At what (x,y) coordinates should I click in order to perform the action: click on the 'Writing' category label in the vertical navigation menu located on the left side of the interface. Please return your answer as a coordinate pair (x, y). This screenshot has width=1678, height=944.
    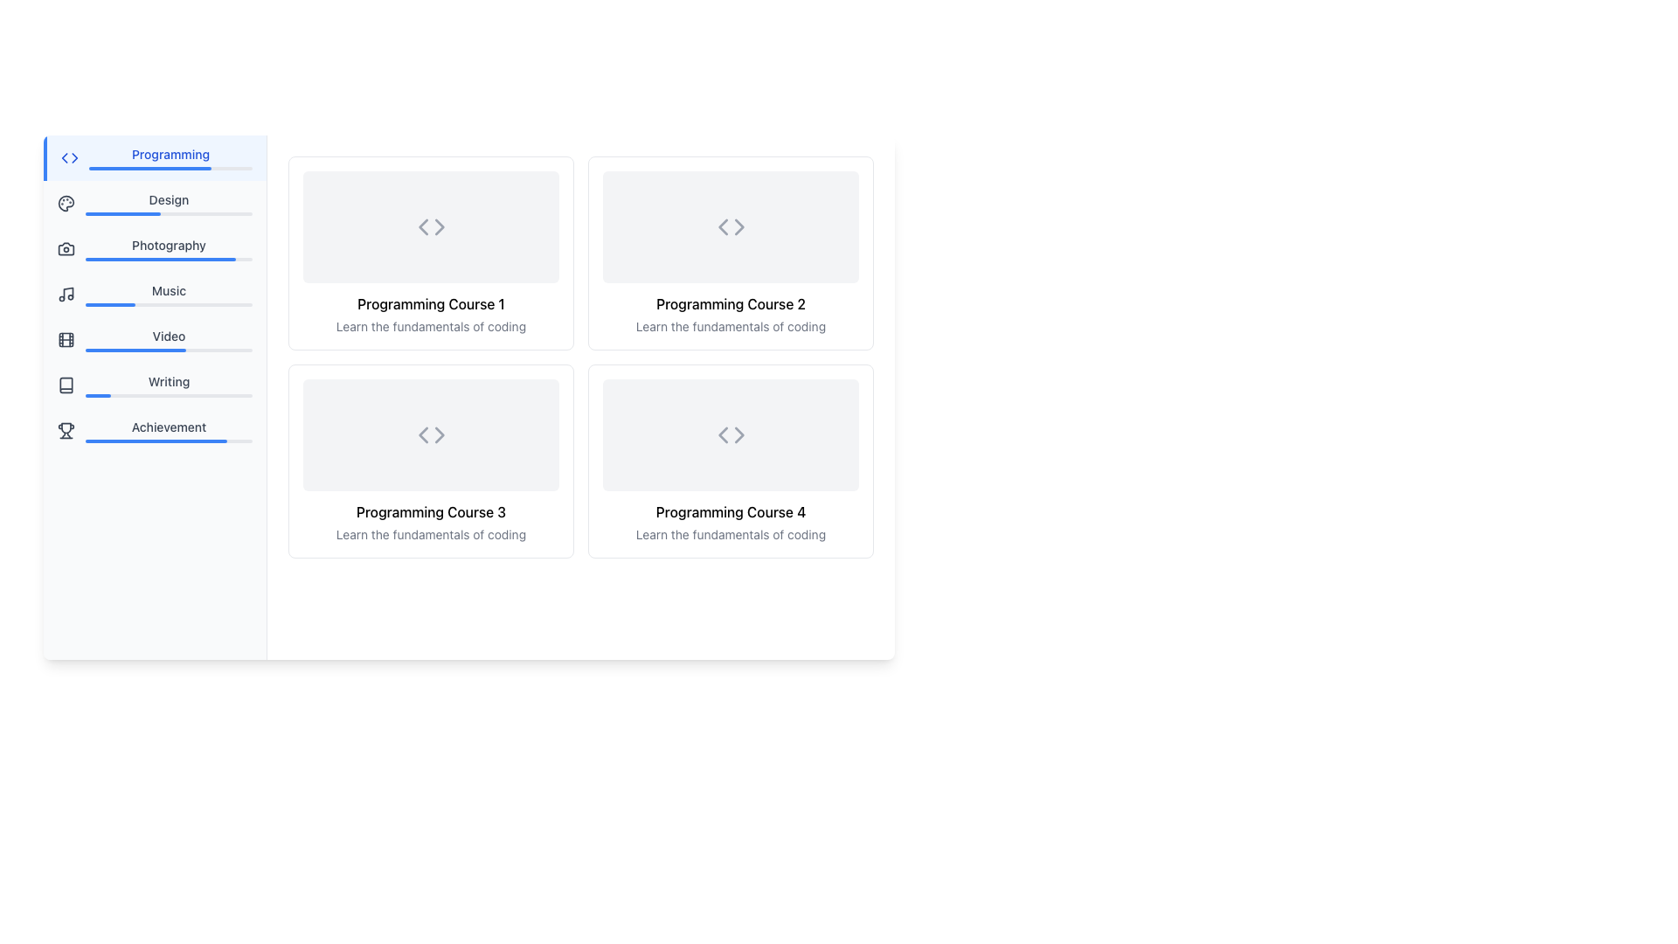
    Looking at the image, I should click on (169, 380).